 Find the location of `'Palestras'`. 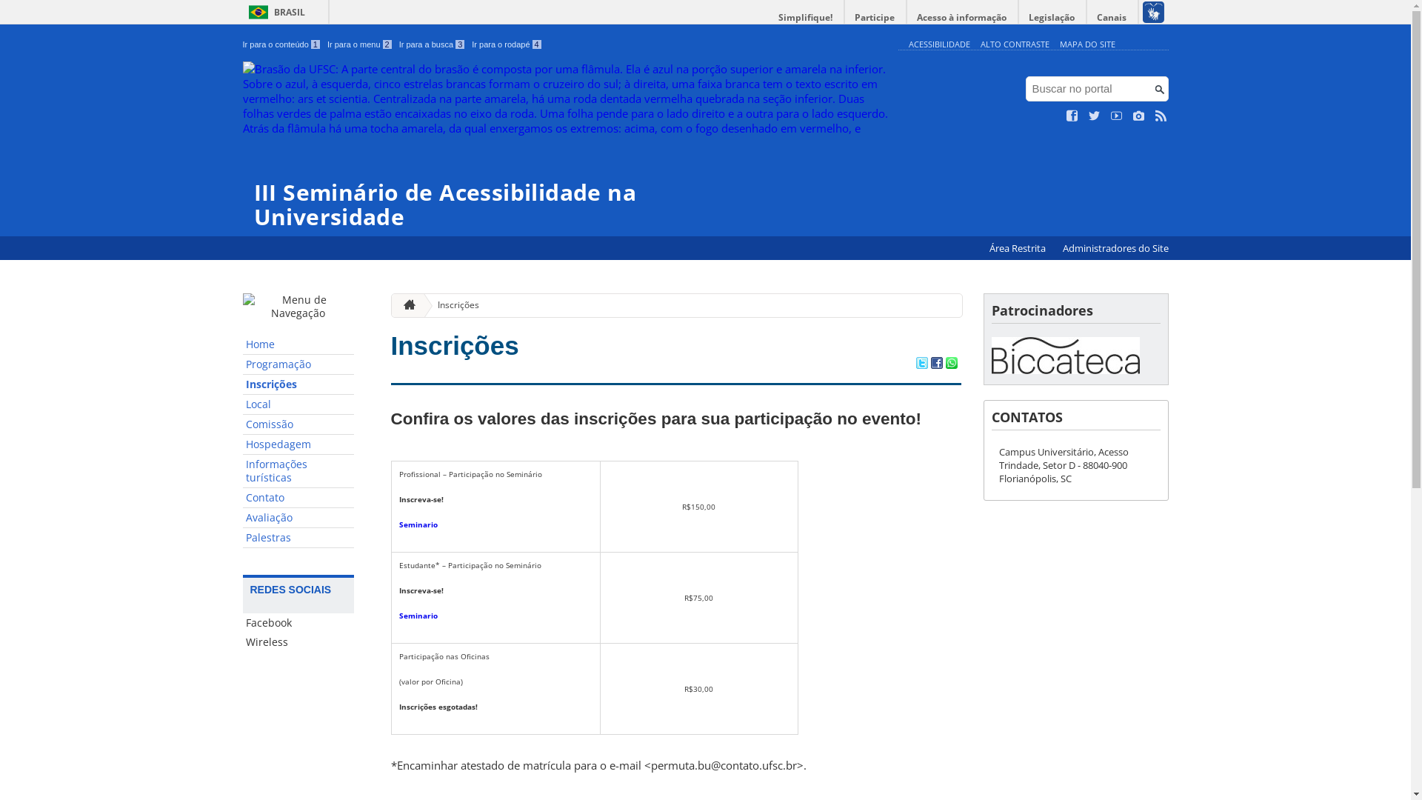

'Palestras' is located at coordinates (298, 538).